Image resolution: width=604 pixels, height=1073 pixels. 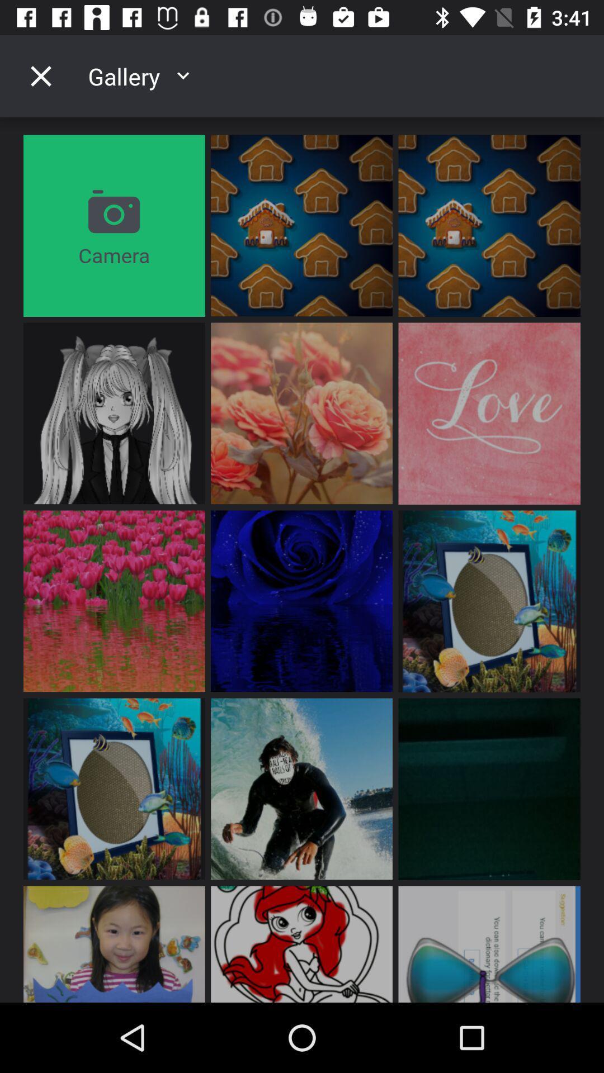 I want to click on the icon to the left of the gallery item, so click(x=40, y=75).